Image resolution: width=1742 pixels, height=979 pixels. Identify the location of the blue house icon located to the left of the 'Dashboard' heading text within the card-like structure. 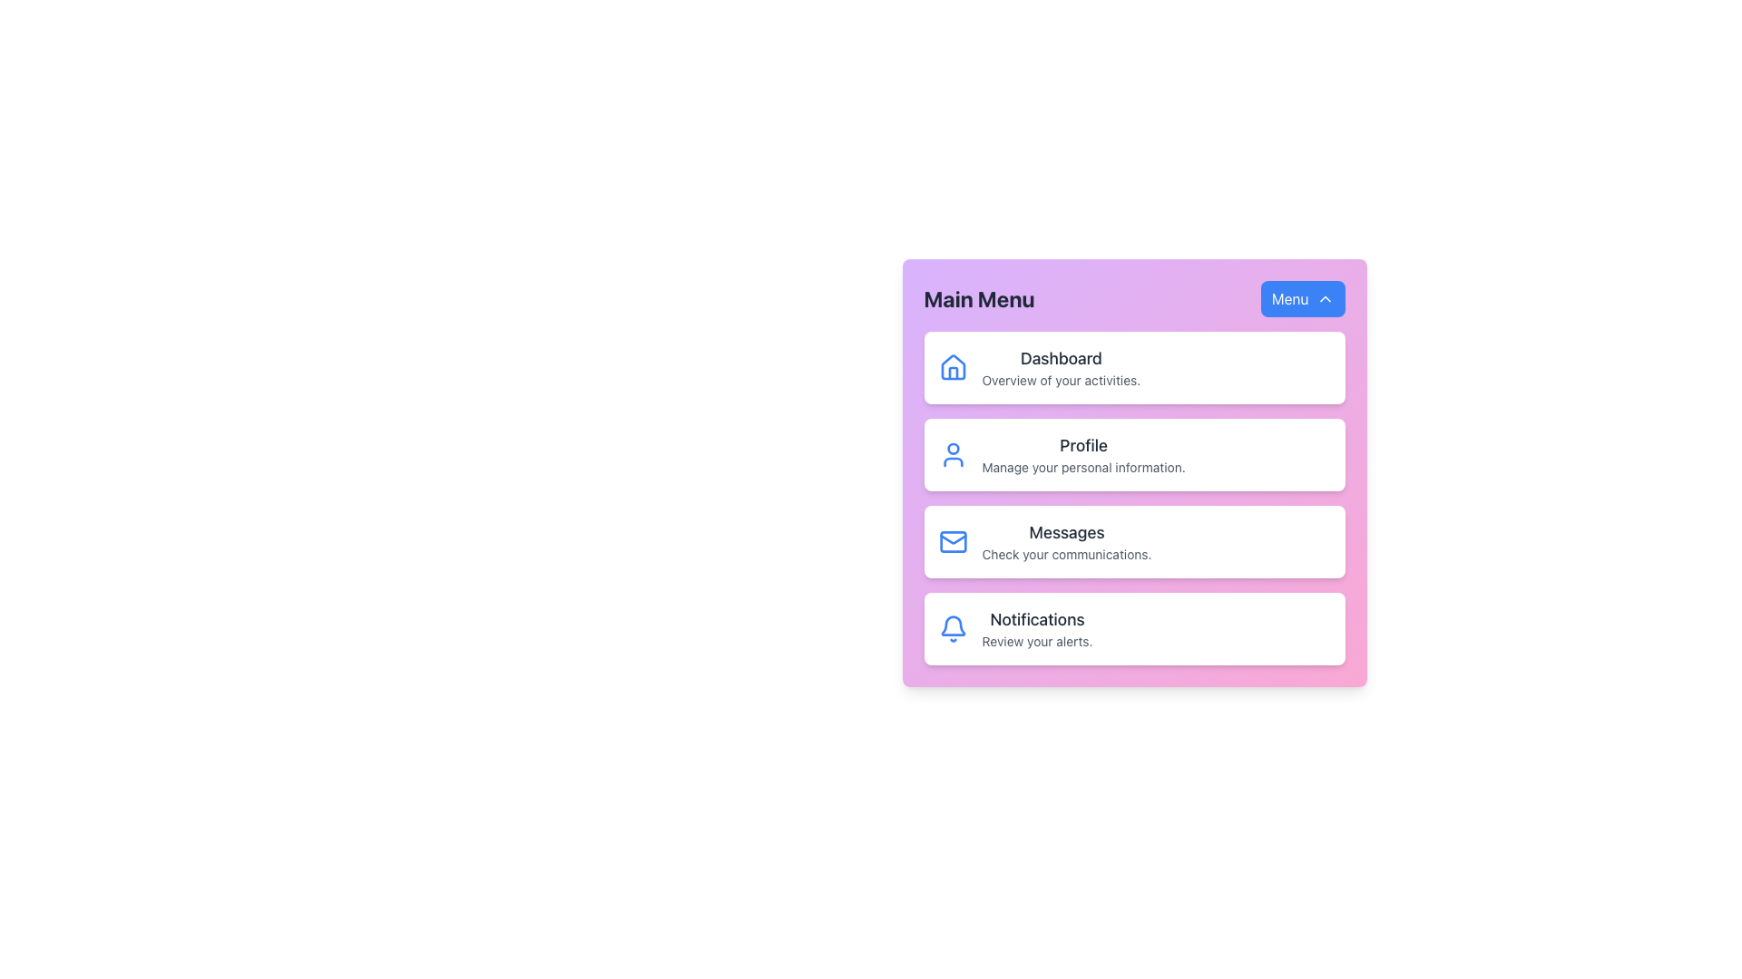
(952, 367).